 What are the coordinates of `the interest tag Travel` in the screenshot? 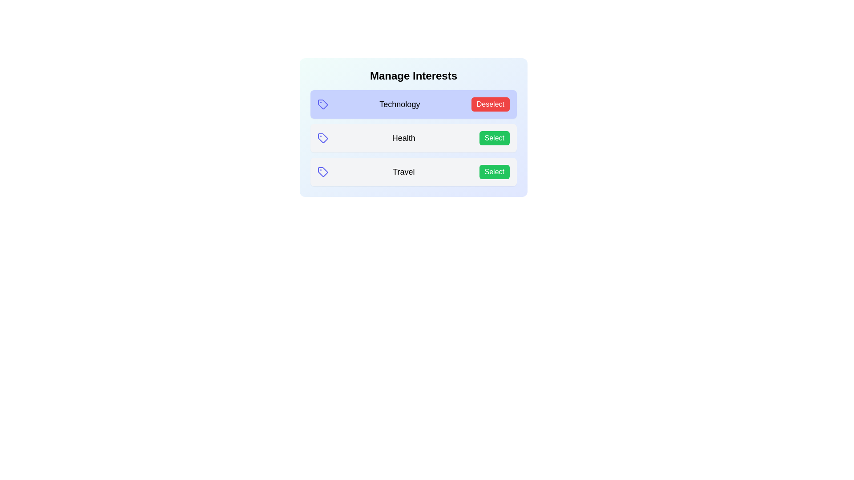 It's located at (494, 172).